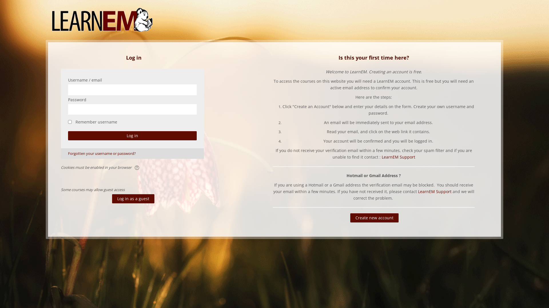  I want to click on 'Help with Cookies must be enabled in your browser', so click(137, 167).